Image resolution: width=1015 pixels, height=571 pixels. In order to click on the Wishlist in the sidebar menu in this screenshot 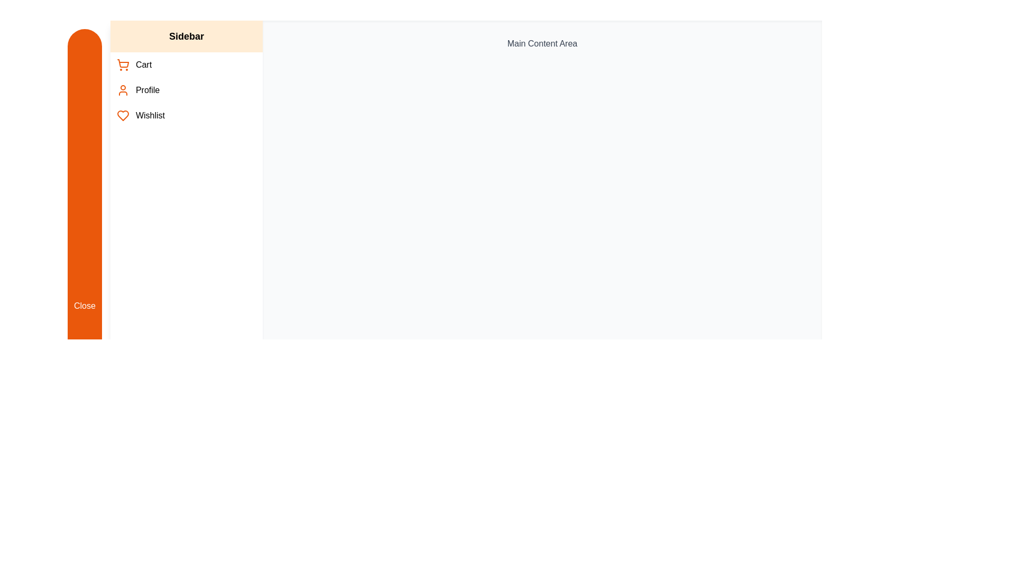, I will do `click(186, 116)`.